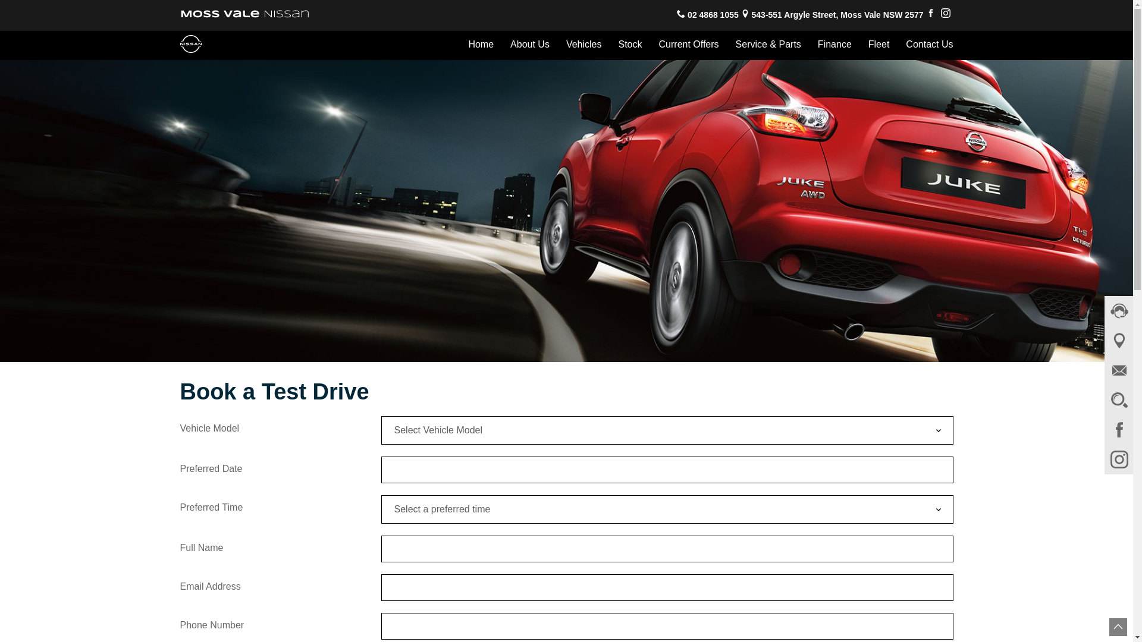 This screenshot has width=1142, height=642. Describe the element at coordinates (879, 44) in the screenshot. I see `'Fleet'` at that location.